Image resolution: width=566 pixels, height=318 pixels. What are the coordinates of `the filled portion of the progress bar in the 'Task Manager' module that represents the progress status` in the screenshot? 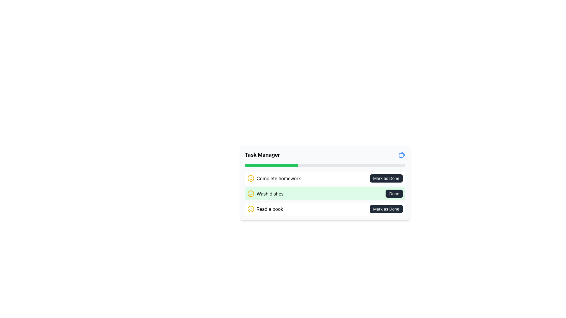 It's located at (271, 165).